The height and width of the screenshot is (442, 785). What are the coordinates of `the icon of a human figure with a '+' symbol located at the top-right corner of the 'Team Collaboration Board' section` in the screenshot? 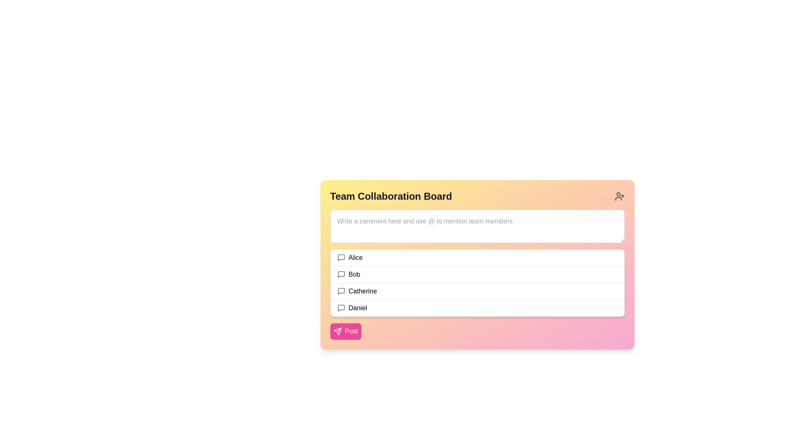 It's located at (619, 196).